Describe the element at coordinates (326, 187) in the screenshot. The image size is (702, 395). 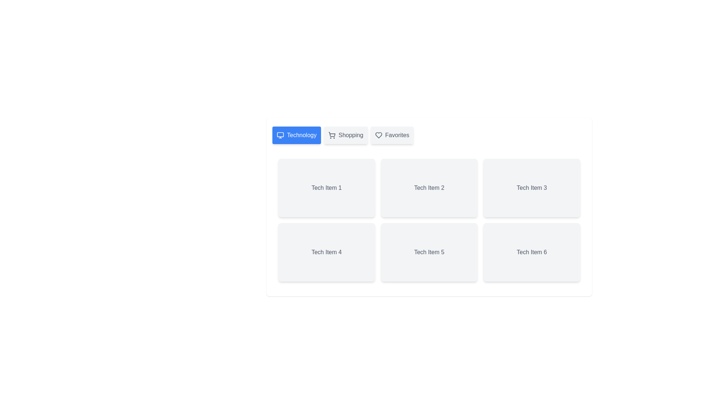
I see `the text 'Tech Item 1' to select it` at that location.